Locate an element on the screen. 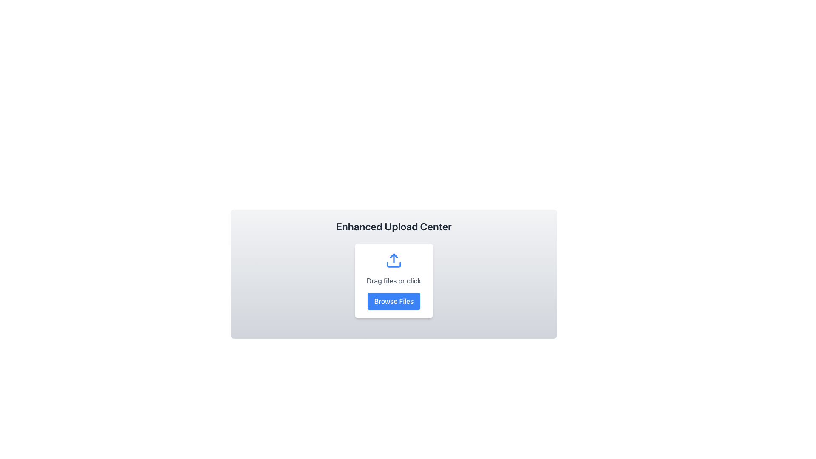 The width and height of the screenshot is (816, 459). the file upload button located at the bottom of the white card, beneath the text 'Drag files or click' is located at coordinates (393, 301).